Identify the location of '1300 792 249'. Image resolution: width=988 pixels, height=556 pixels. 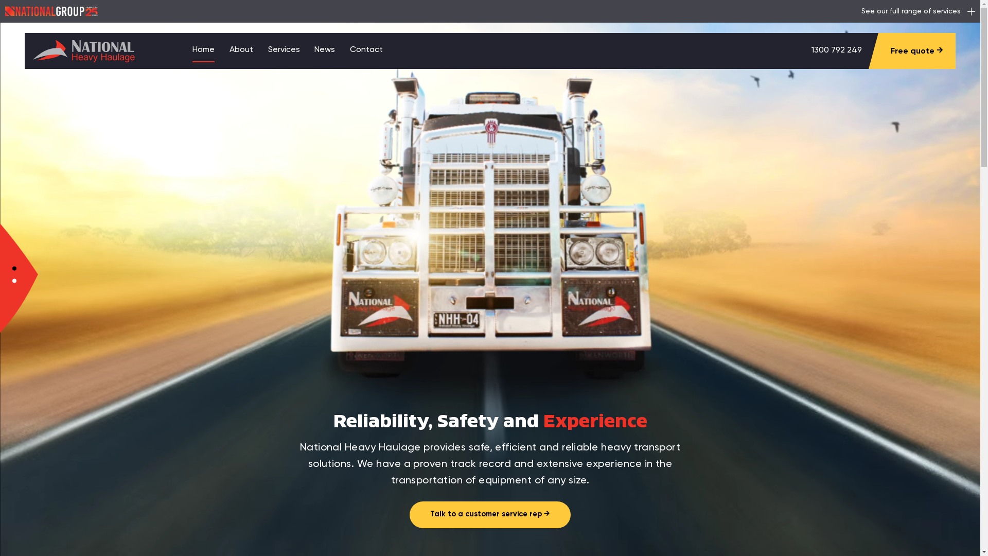
(837, 50).